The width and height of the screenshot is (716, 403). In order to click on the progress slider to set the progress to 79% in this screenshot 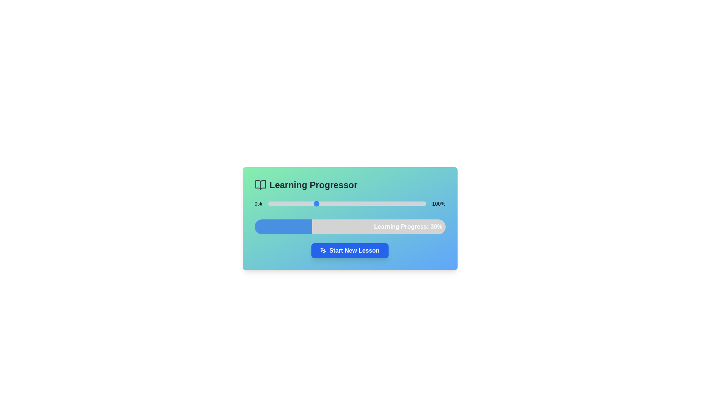, I will do `click(392, 204)`.